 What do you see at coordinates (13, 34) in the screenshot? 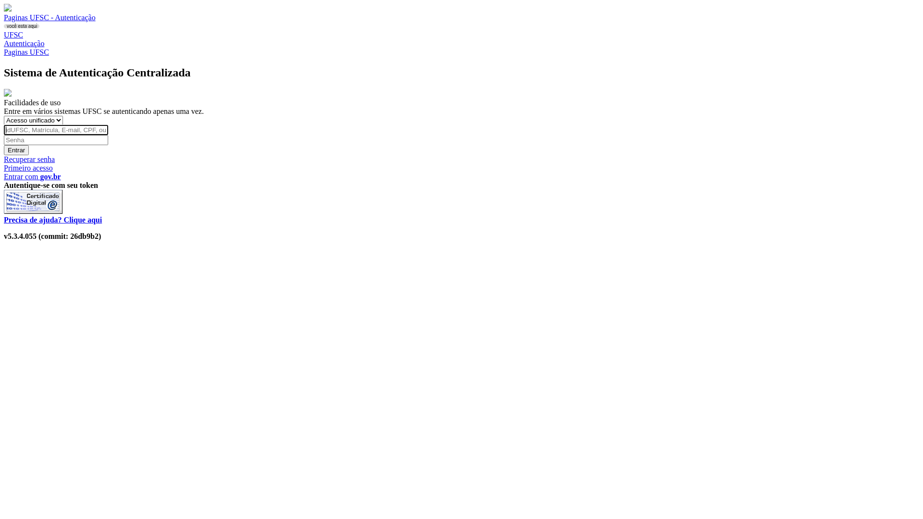
I see `'UFSC'` at bounding box center [13, 34].